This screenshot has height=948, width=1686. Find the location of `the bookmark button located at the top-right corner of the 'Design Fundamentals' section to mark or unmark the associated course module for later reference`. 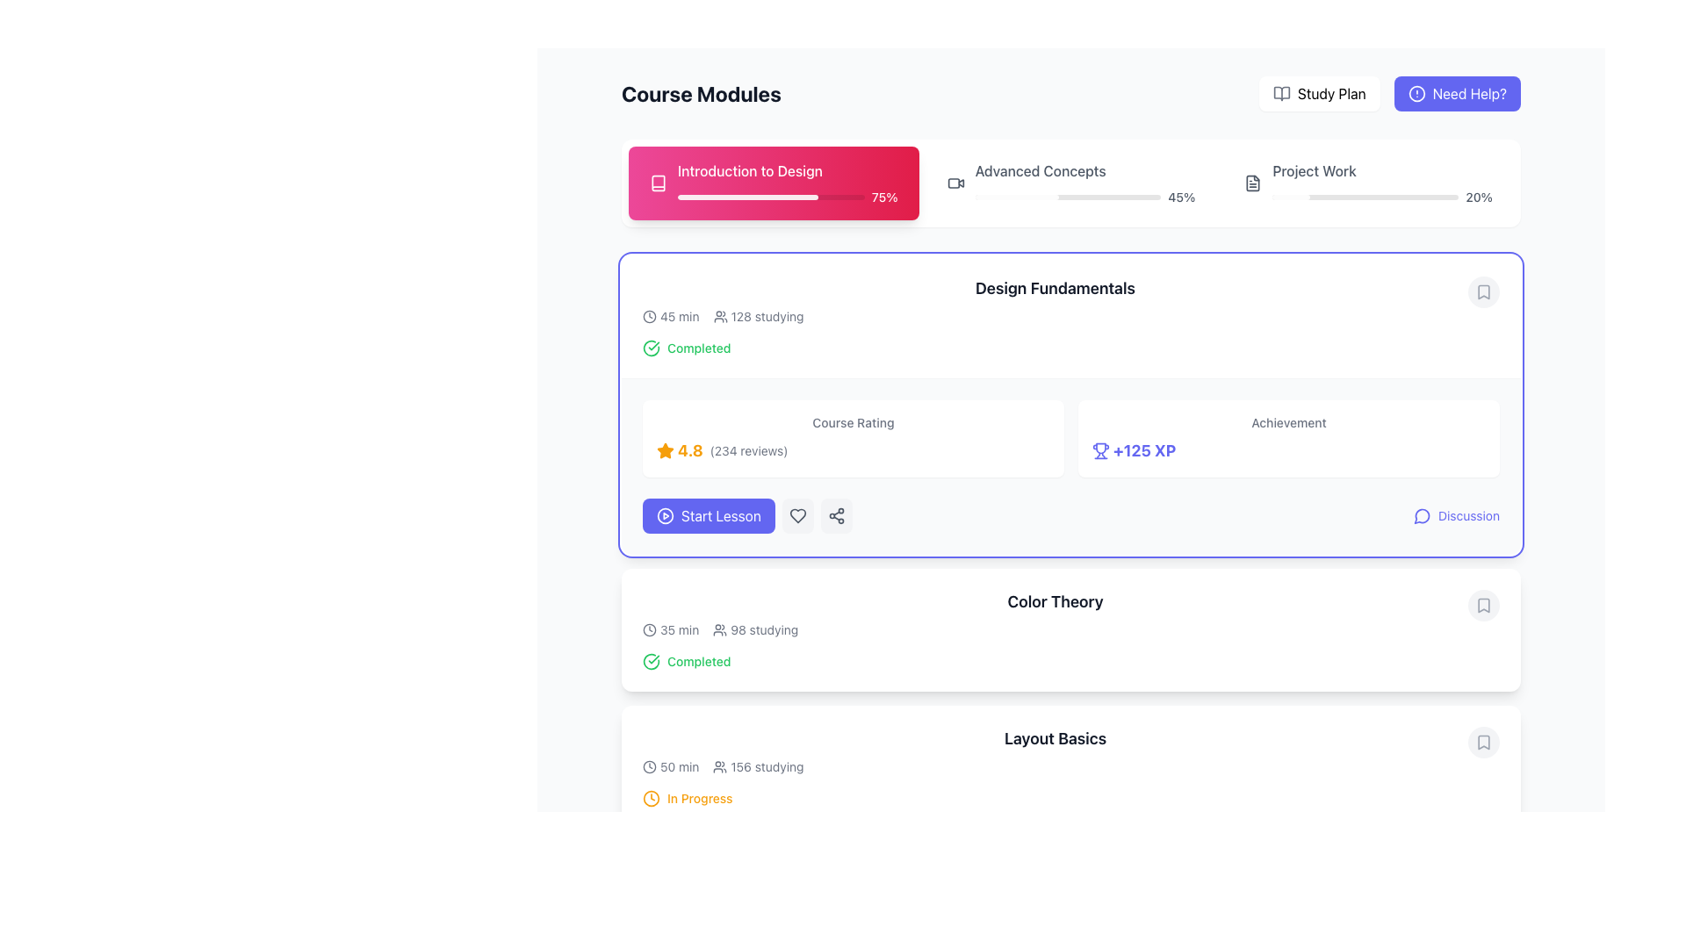

the bookmark button located at the top-right corner of the 'Design Fundamentals' section to mark or unmark the associated course module for later reference is located at coordinates (1482, 291).